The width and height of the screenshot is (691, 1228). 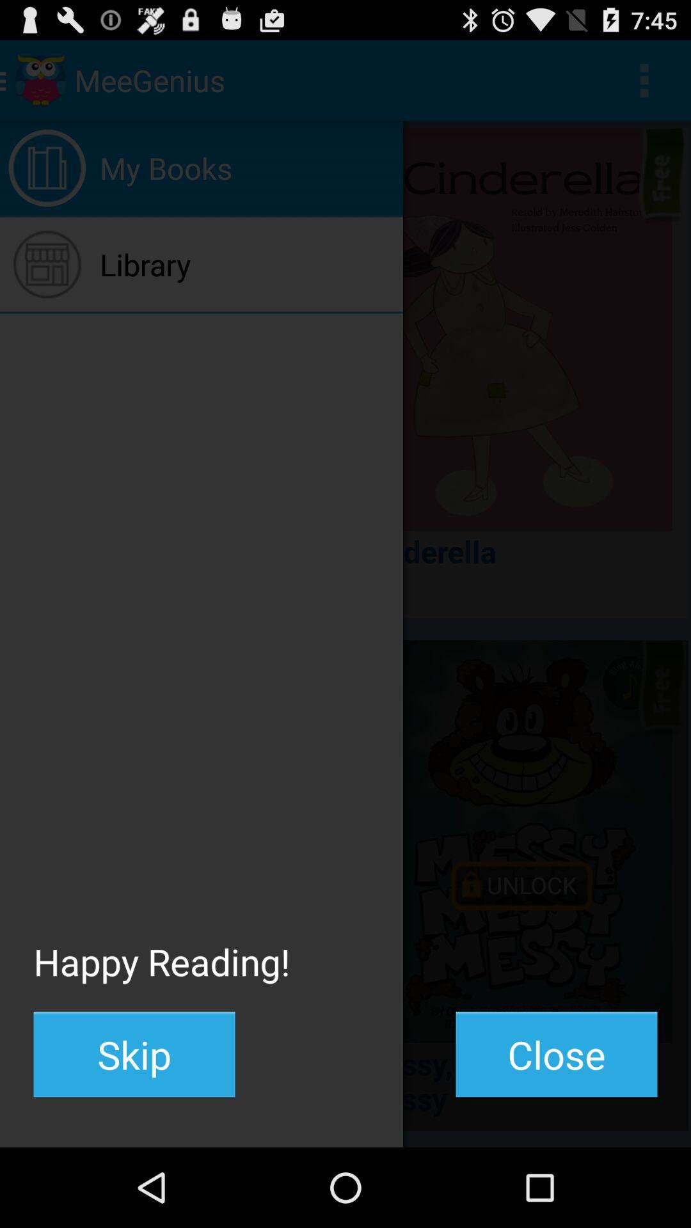 What do you see at coordinates (556, 1054) in the screenshot?
I see `the button to the right of the skip icon` at bounding box center [556, 1054].